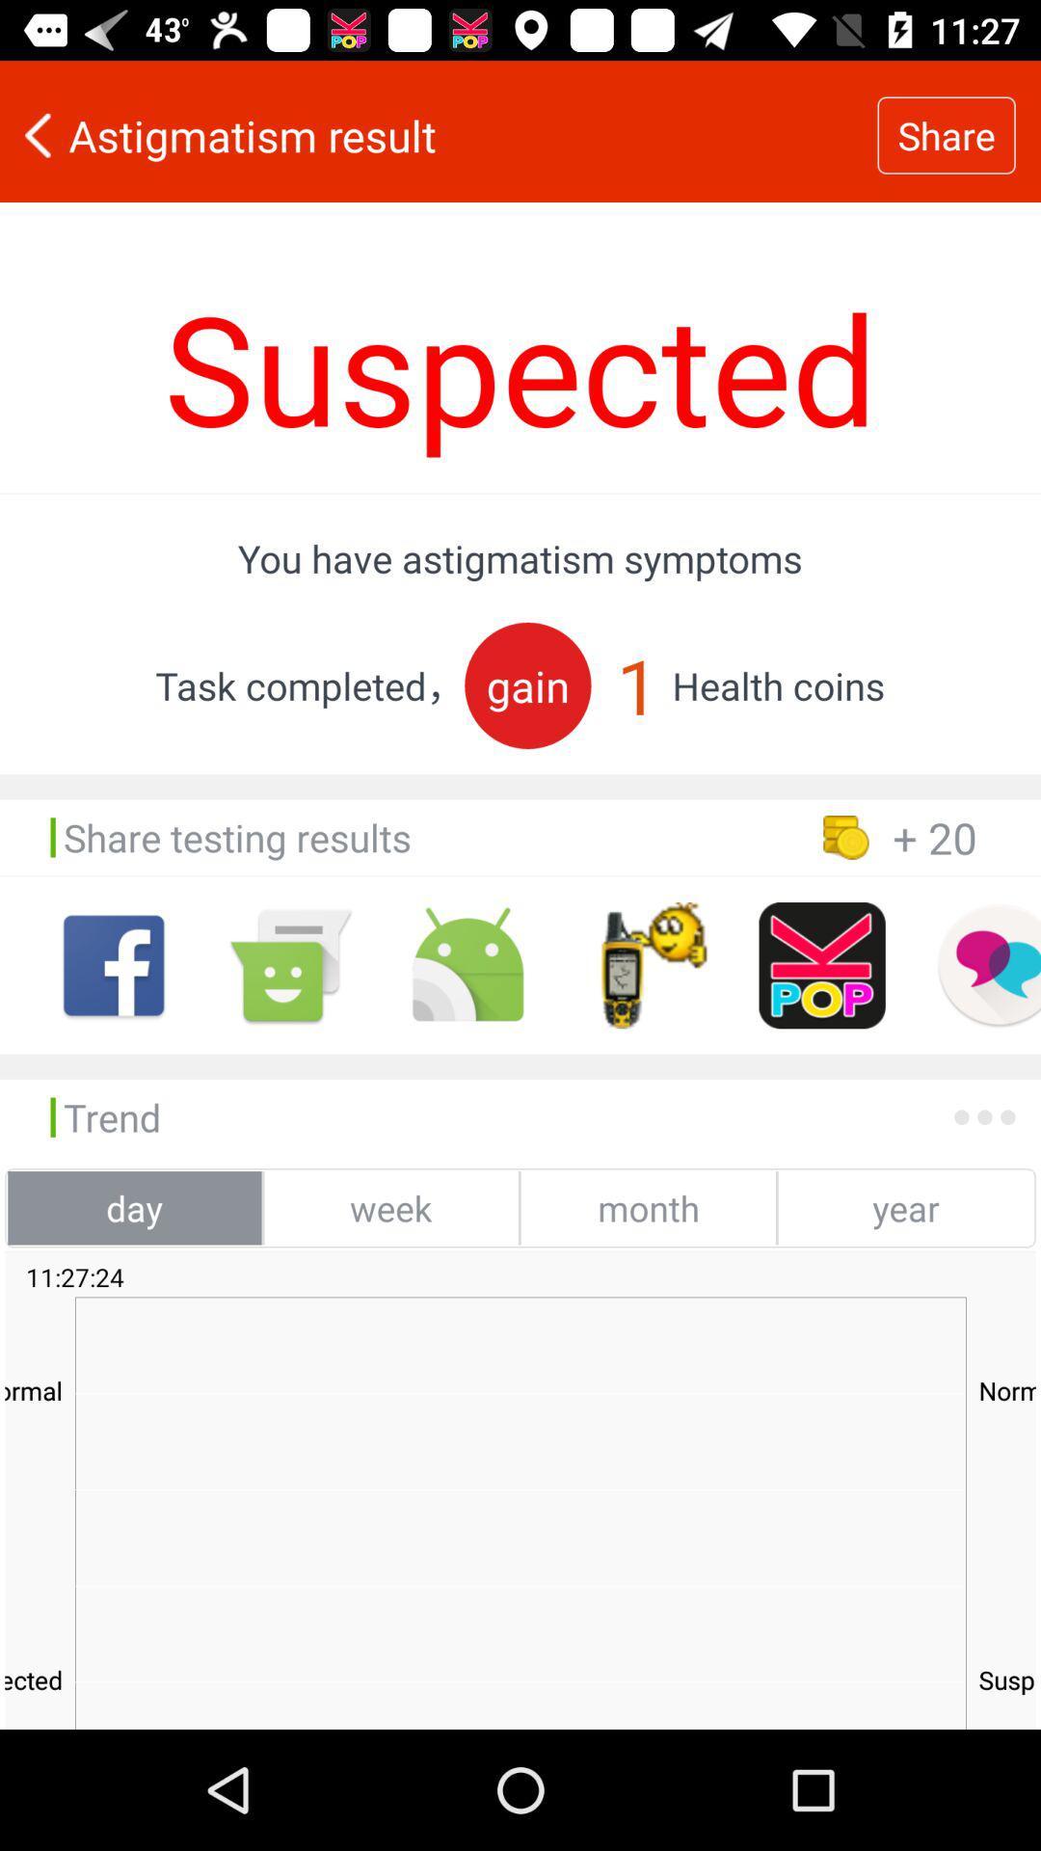 The height and width of the screenshot is (1851, 1041). I want to click on the day icon, so click(133, 1207).